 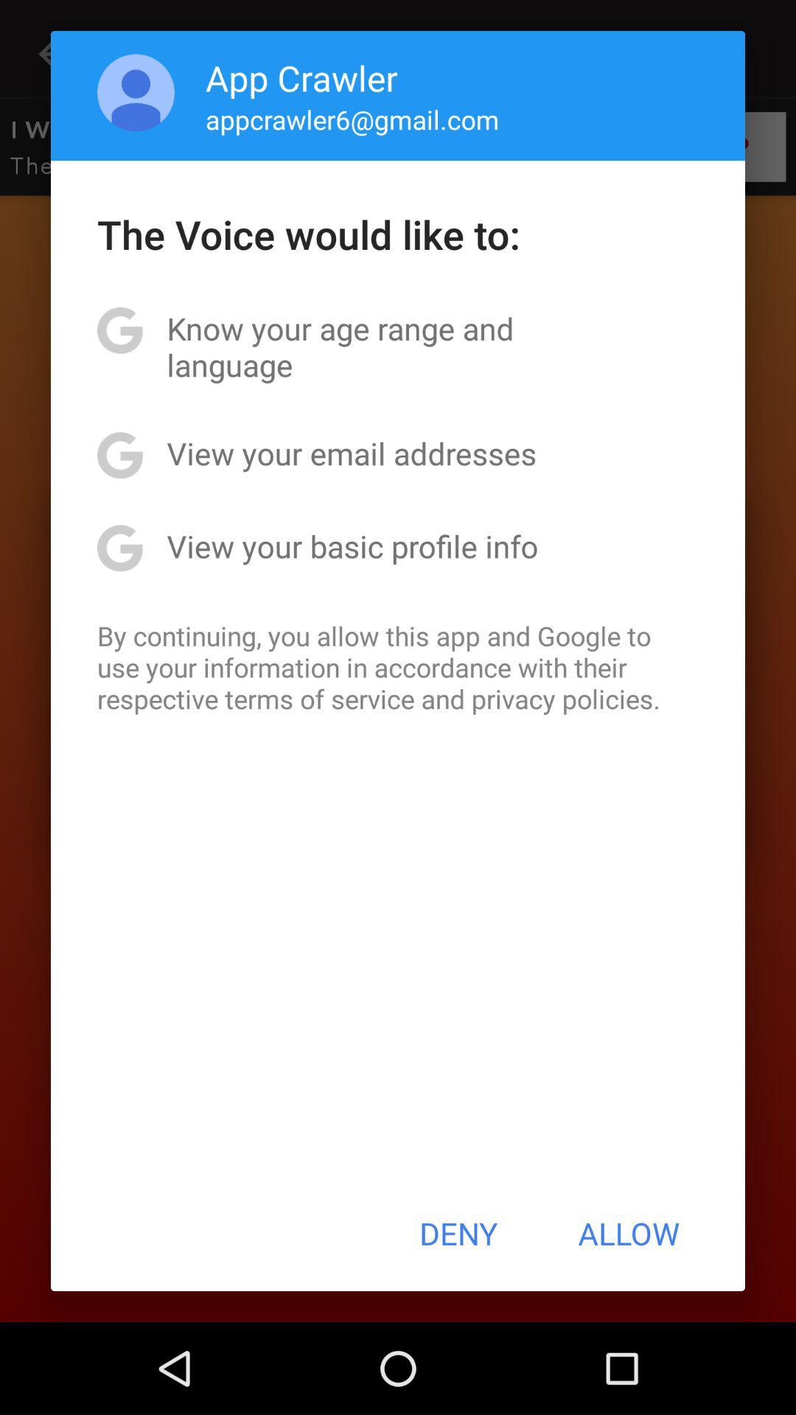 I want to click on the item next to app crawler app, so click(x=136, y=91).